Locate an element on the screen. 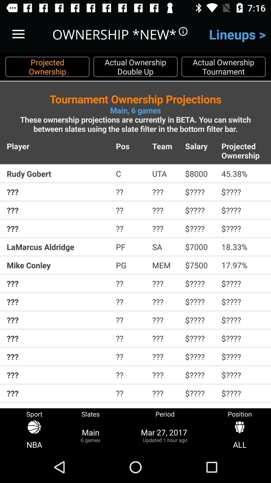 This screenshot has width=271, height=483. item above the mike conley item is located at coordinates (130, 247).